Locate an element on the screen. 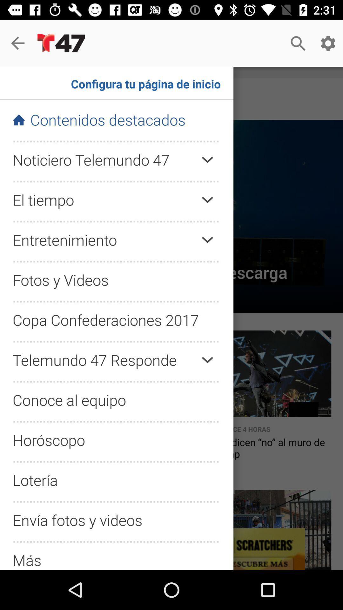  third drop down in web page is located at coordinates (207, 240).